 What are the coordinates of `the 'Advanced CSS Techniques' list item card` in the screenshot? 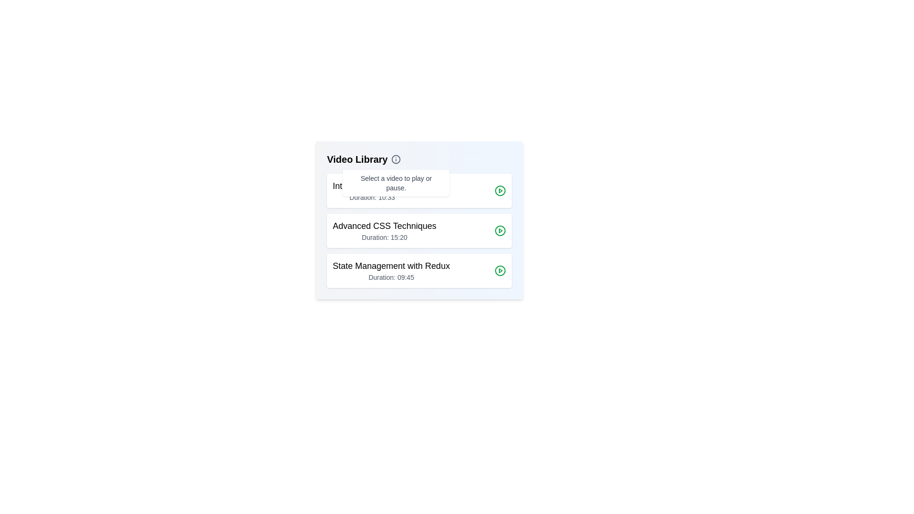 It's located at (419, 231).